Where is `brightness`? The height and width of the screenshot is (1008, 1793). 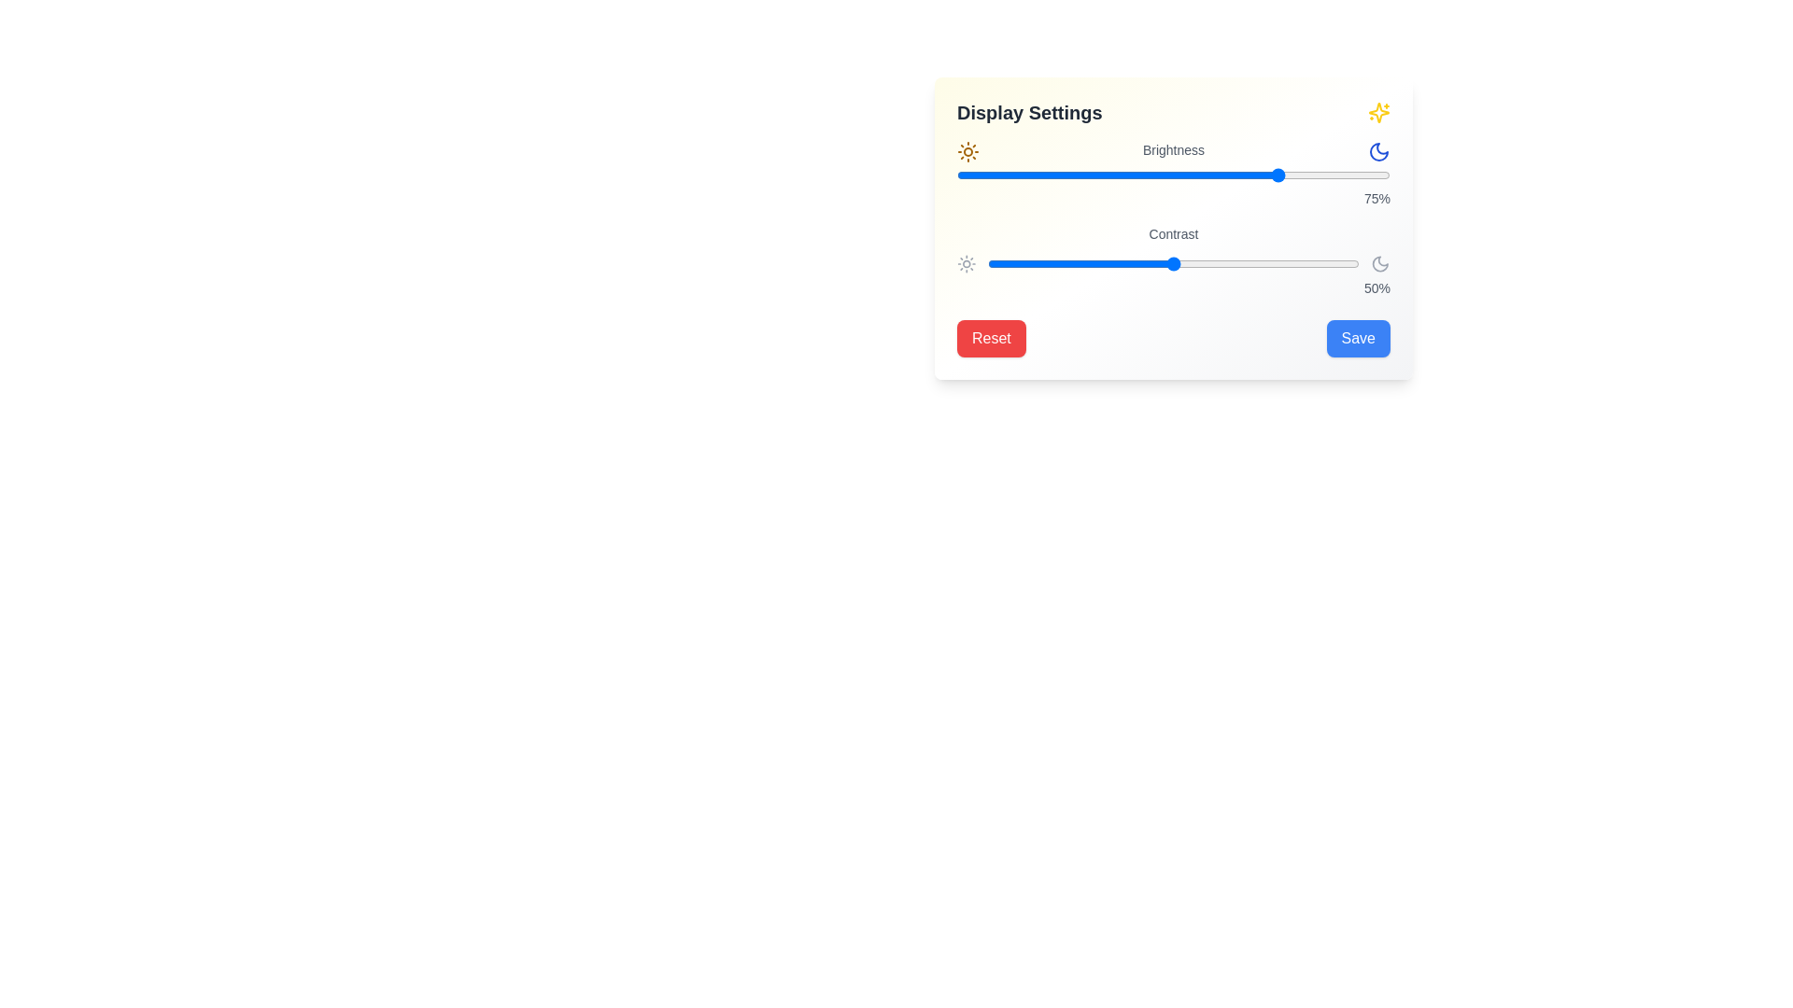 brightness is located at coordinates (961, 175).